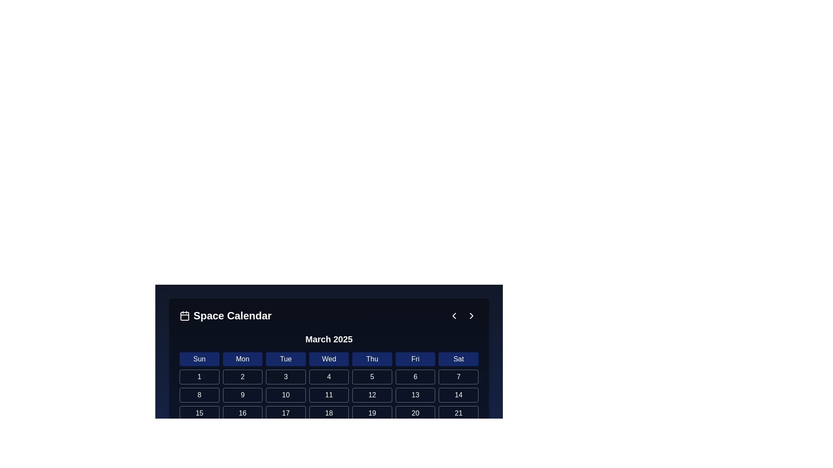  What do you see at coordinates (372, 413) in the screenshot?
I see `text '19' from the Calendar day cell located in the seventh column of the fourth row, corresponding to Thursday, March 2025` at bounding box center [372, 413].